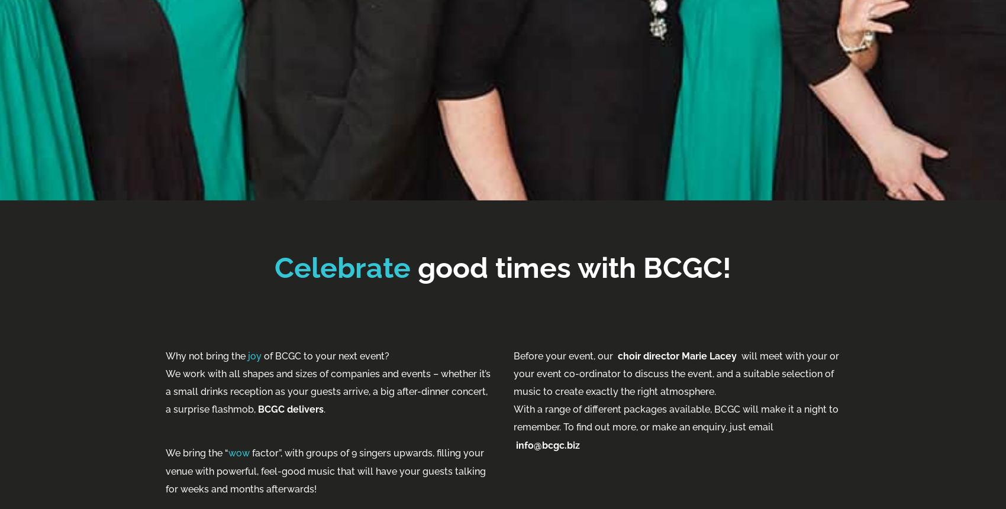 This screenshot has height=509, width=1006. What do you see at coordinates (676, 355) in the screenshot?
I see `'choir director Marie Lacey'` at bounding box center [676, 355].